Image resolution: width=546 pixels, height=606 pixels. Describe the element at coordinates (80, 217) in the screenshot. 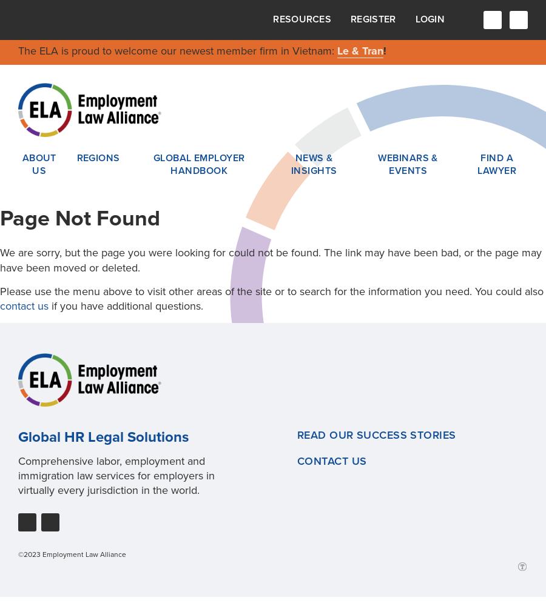

I see `'Page Not Found'` at that location.